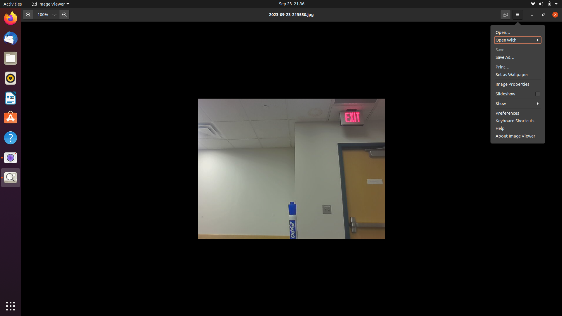  Describe the element at coordinates (28, 14) in the screenshot. I see `Zoom out the image once` at that location.